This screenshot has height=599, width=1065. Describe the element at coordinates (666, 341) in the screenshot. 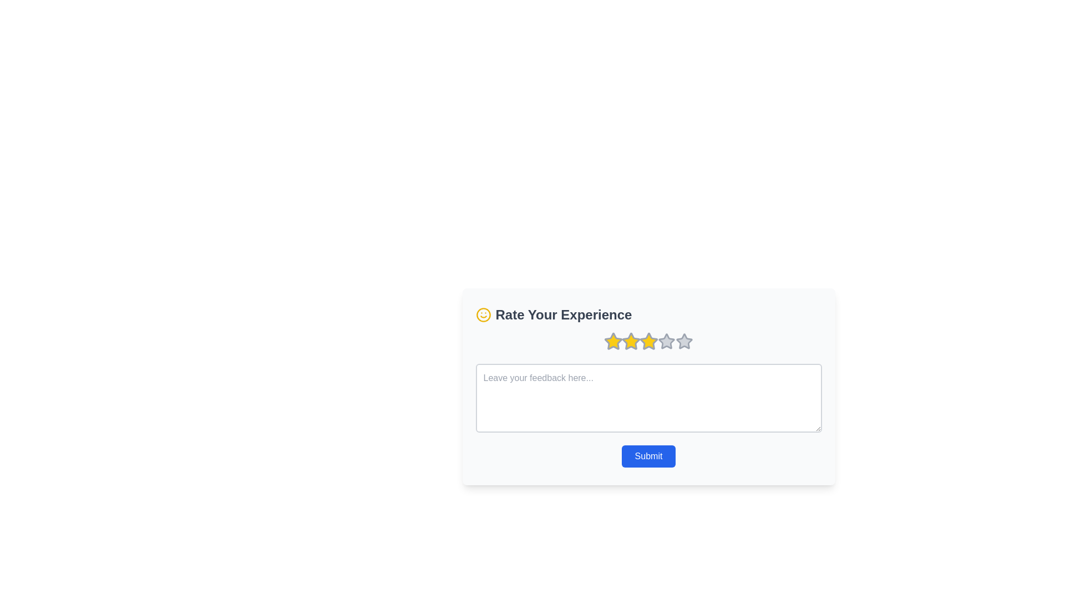

I see `the fifth rating star` at that location.